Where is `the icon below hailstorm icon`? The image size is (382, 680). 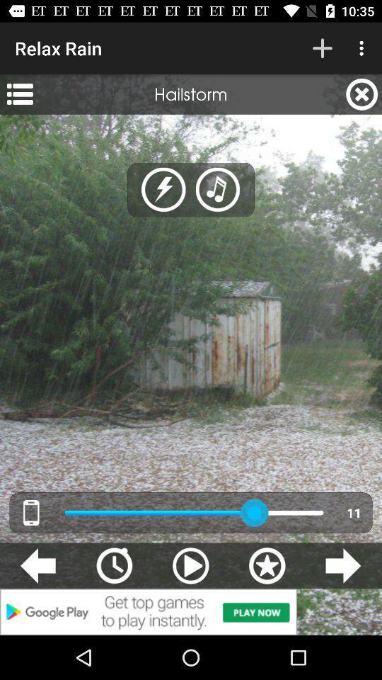
the icon below hailstorm icon is located at coordinates (163, 189).